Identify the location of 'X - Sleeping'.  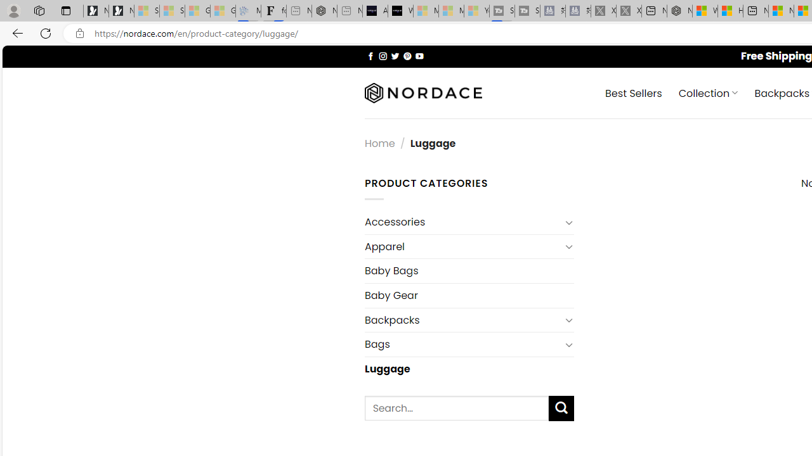
(629, 11).